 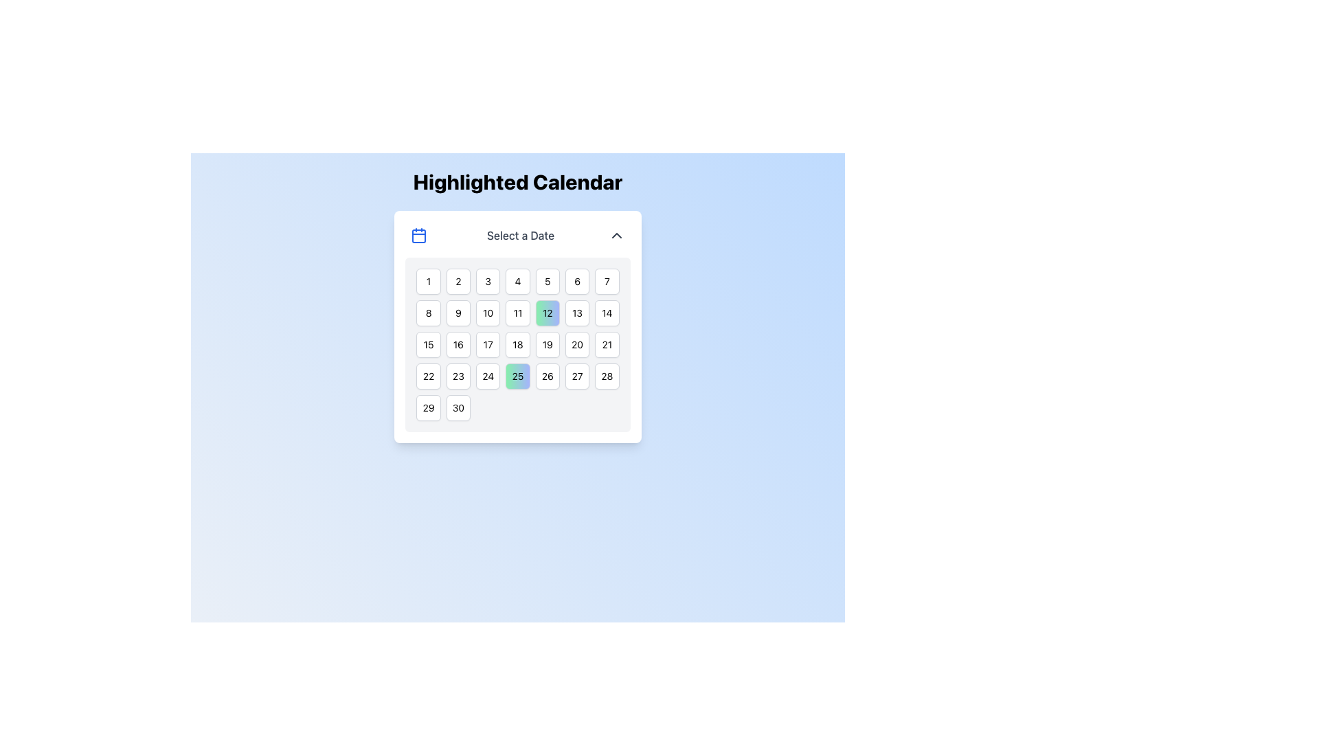 What do you see at coordinates (606, 344) in the screenshot?
I see `the square button with a rounded border displaying the number '21'` at bounding box center [606, 344].